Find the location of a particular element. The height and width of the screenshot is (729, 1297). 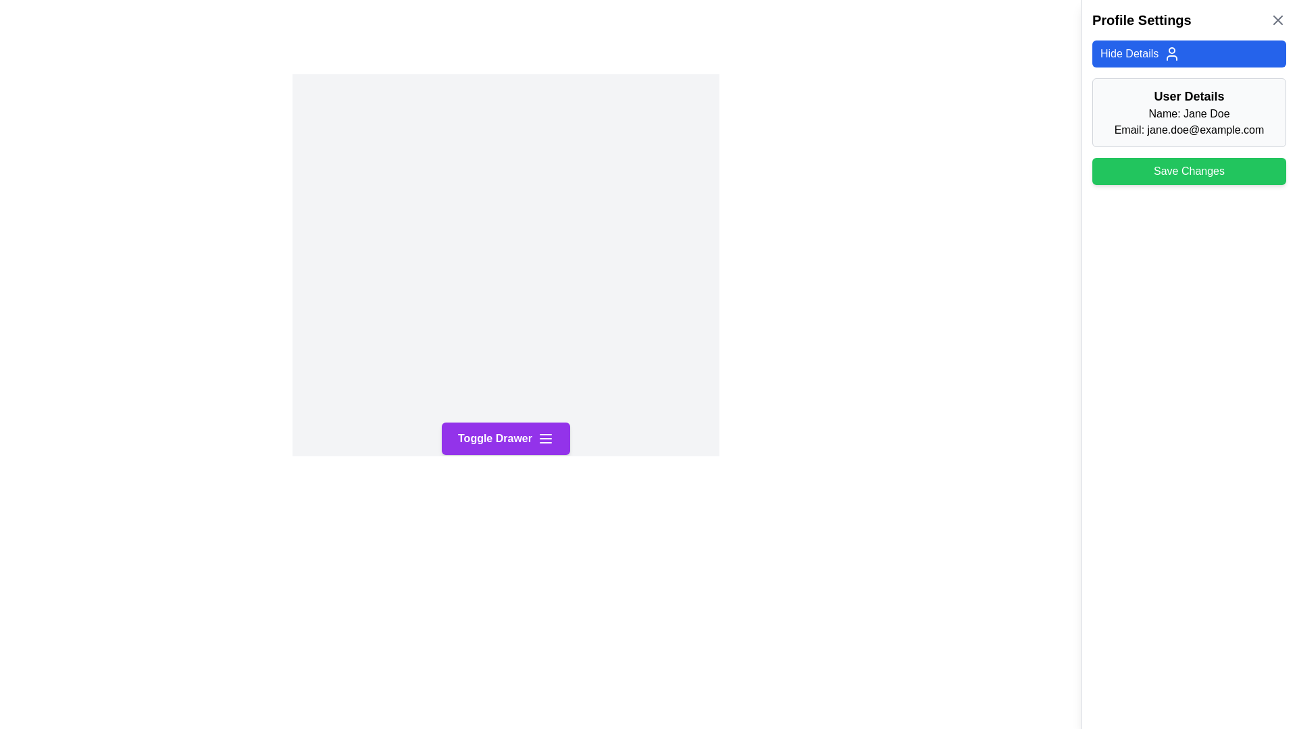

the small gray 'X' icon button for closing or dismissing the dialog, located next to the 'Profile Settings' text in the header section is located at coordinates (1277, 20).